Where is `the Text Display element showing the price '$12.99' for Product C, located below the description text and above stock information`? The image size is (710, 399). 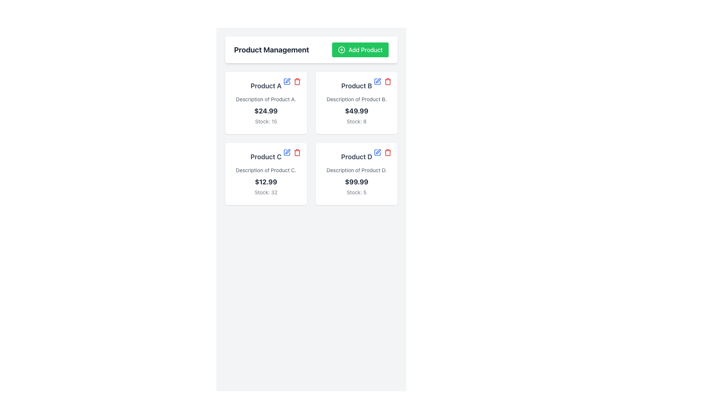 the Text Display element showing the price '$12.99' for Product C, located below the description text and above stock information is located at coordinates (266, 182).